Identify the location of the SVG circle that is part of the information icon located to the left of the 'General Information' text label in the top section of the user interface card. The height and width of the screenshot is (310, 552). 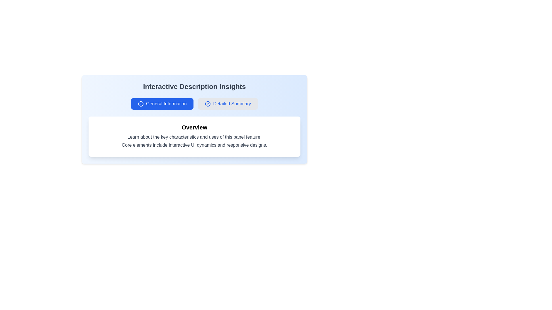
(141, 104).